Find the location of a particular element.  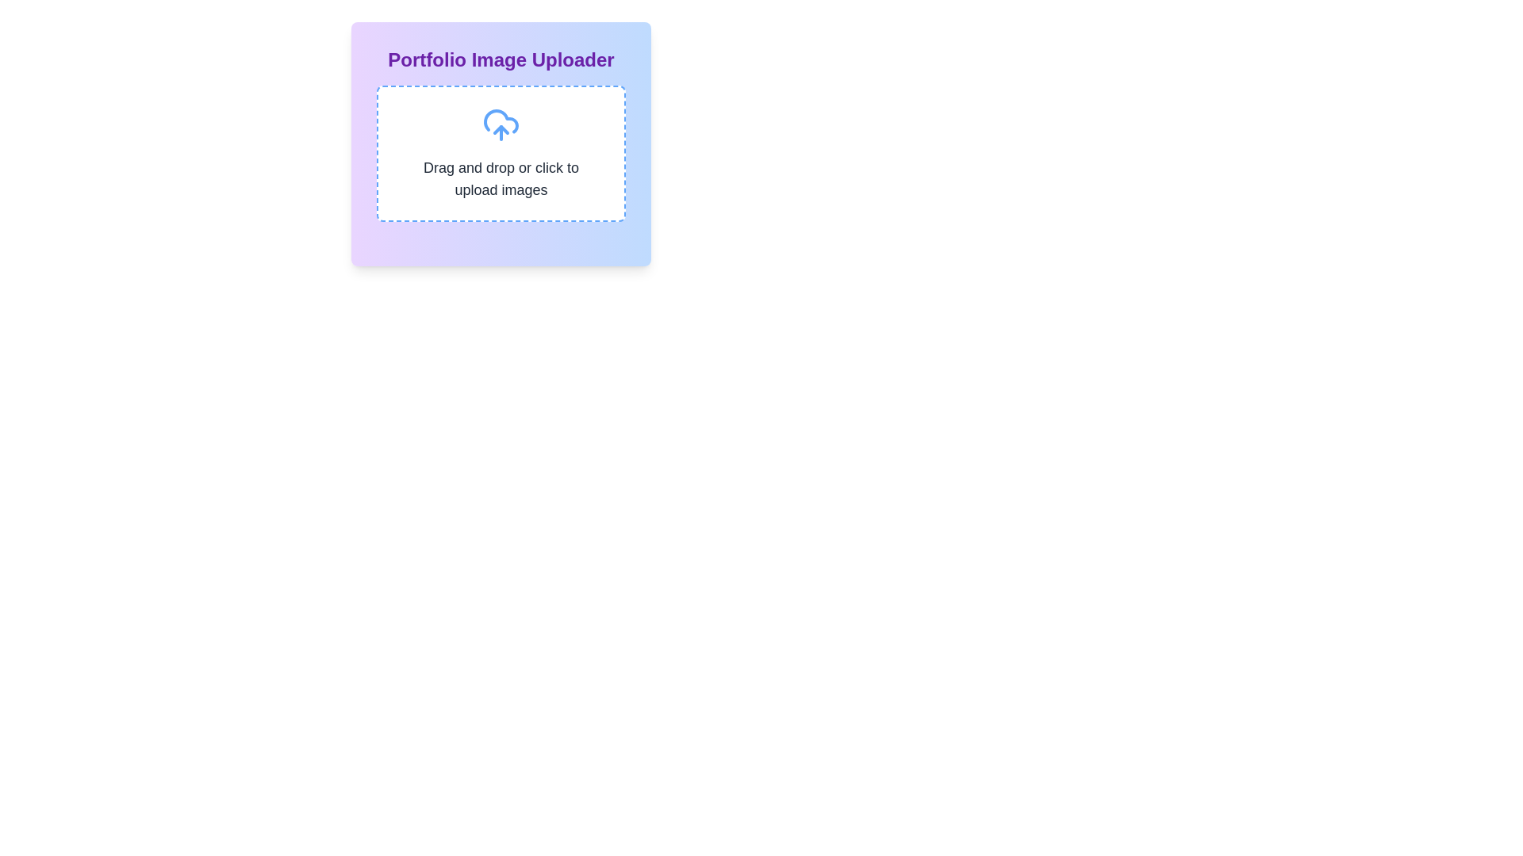

the small upward-pointing arrow icon located at the bottom center of the blue cloud upload icon, which is part of the 'Portfolio Image Uploader' section is located at coordinates (501, 129).